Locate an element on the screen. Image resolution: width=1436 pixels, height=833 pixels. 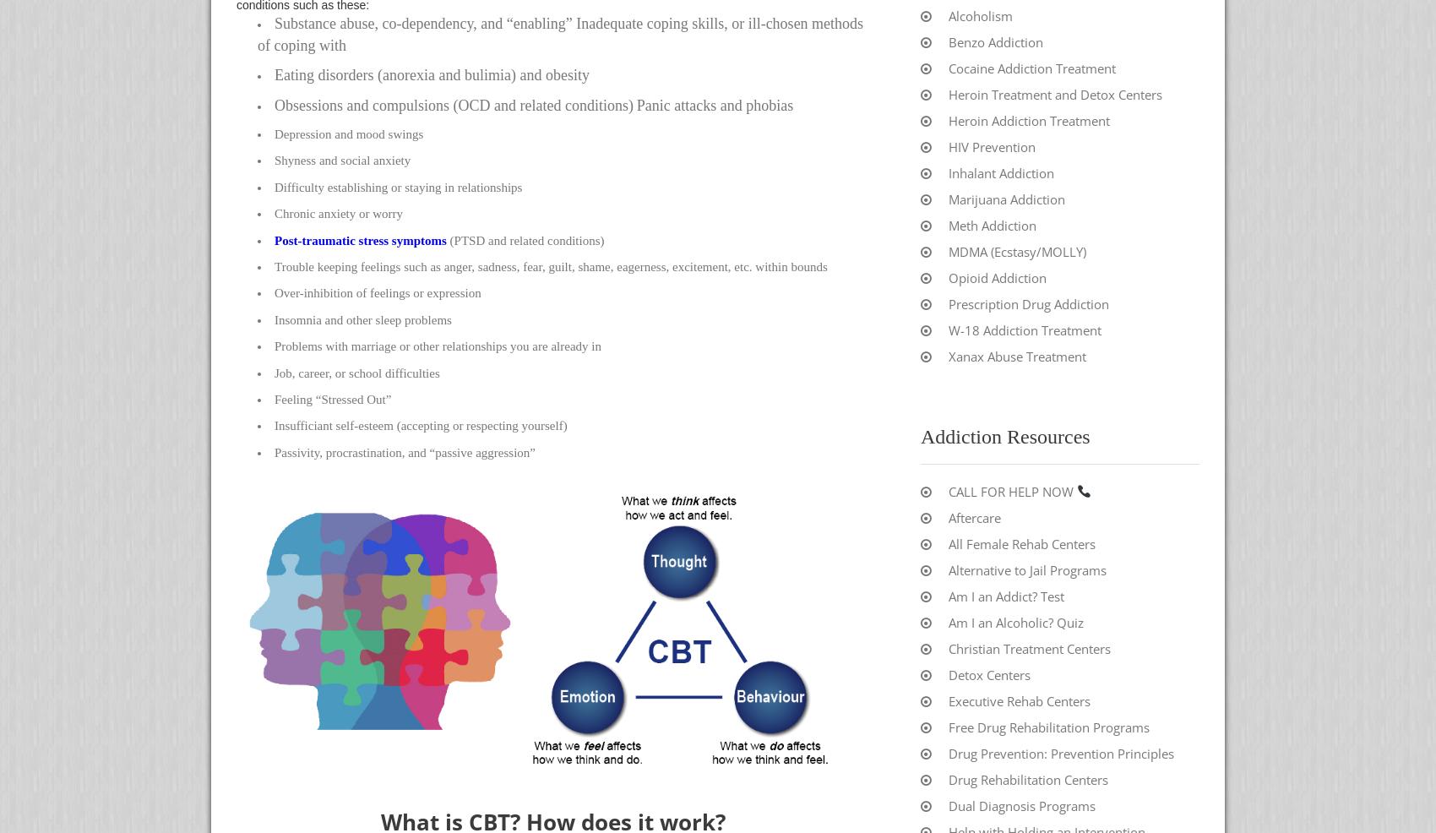
'Drug Rehabilitation Centers' is located at coordinates (1027, 779).